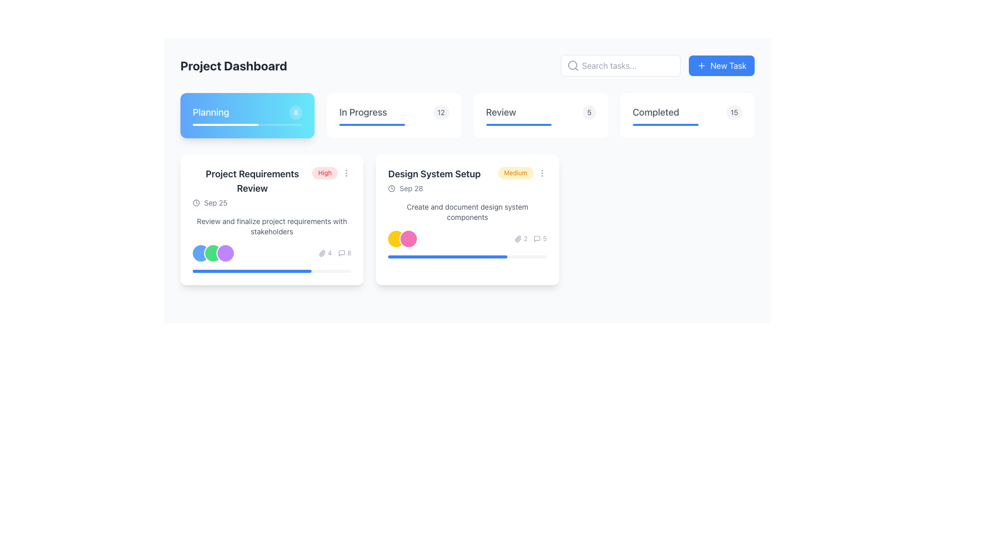 The width and height of the screenshot is (987, 555). Describe the element at coordinates (393, 124) in the screenshot. I see `the horizontal progress bar located centrally within the white panel labeled 'In Progress', which visually represents the progress of an element associated with 'In Progress'` at that location.